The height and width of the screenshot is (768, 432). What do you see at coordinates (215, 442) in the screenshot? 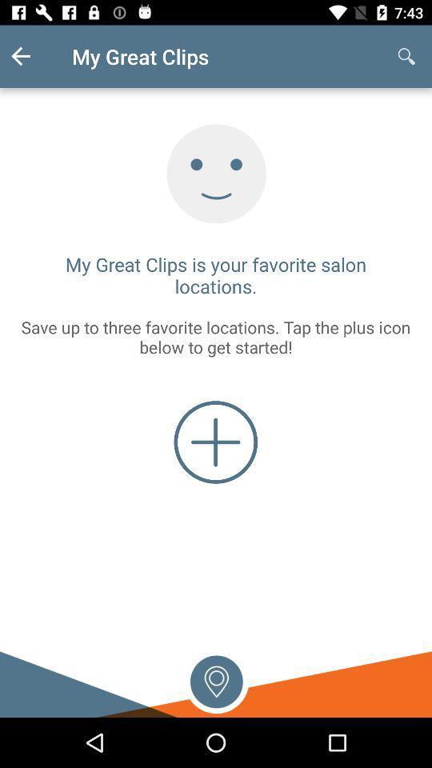
I see `the add icon` at bounding box center [215, 442].